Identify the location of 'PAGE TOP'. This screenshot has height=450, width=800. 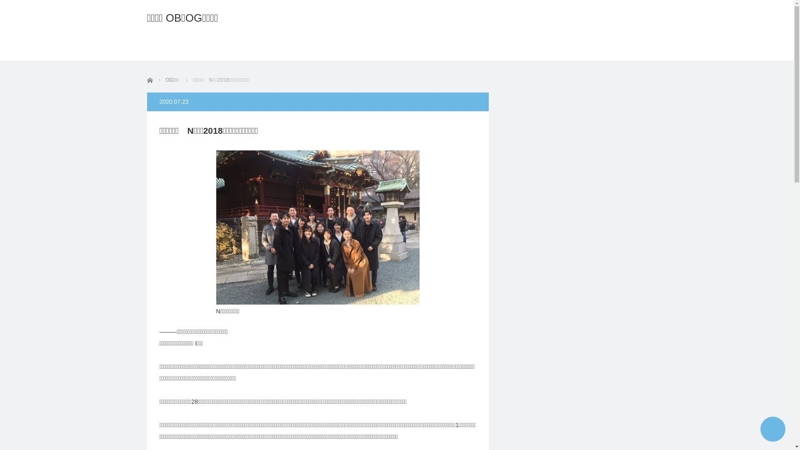
(772, 429).